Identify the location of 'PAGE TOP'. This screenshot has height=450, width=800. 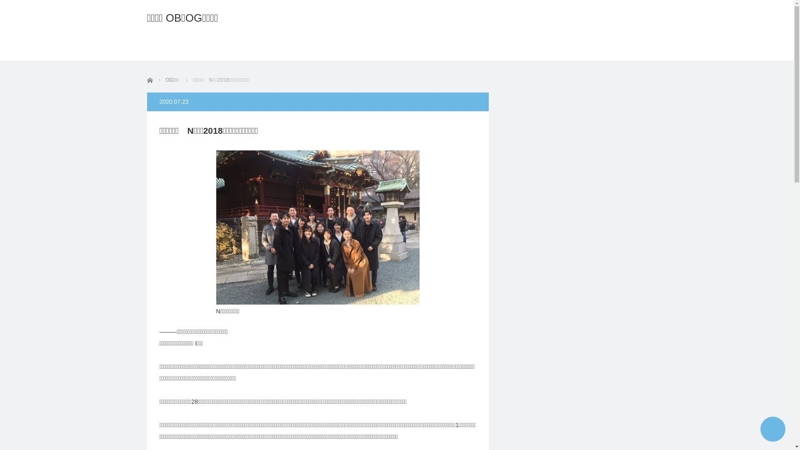
(772, 429).